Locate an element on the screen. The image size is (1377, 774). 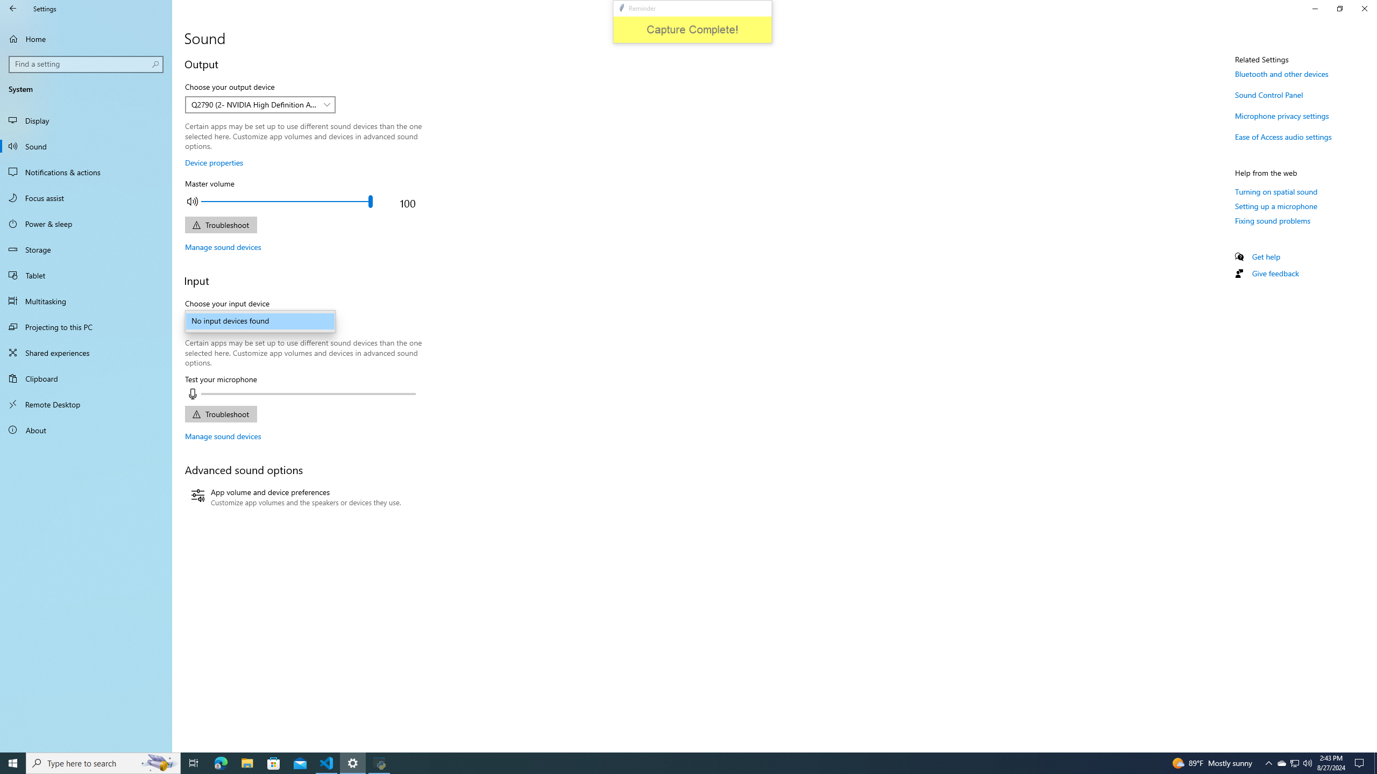
'Choose your input device' is located at coordinates (259, 321).